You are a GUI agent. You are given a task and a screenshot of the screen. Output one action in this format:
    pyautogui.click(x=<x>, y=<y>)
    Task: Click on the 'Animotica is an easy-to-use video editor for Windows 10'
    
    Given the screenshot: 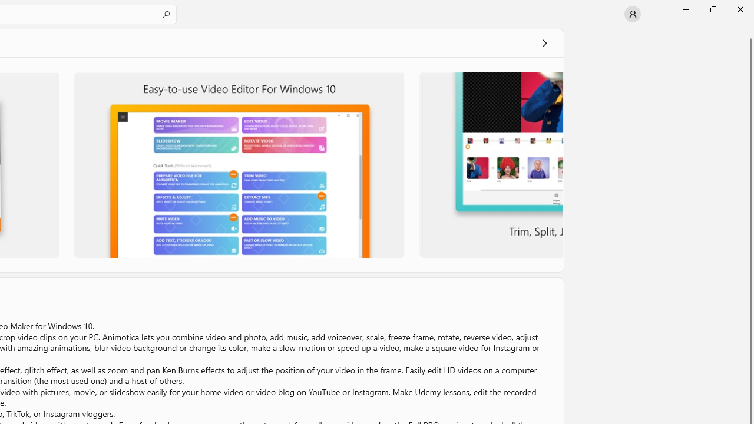 What is the action you would take?
    pyautogui.click(x=239, y=164)
    